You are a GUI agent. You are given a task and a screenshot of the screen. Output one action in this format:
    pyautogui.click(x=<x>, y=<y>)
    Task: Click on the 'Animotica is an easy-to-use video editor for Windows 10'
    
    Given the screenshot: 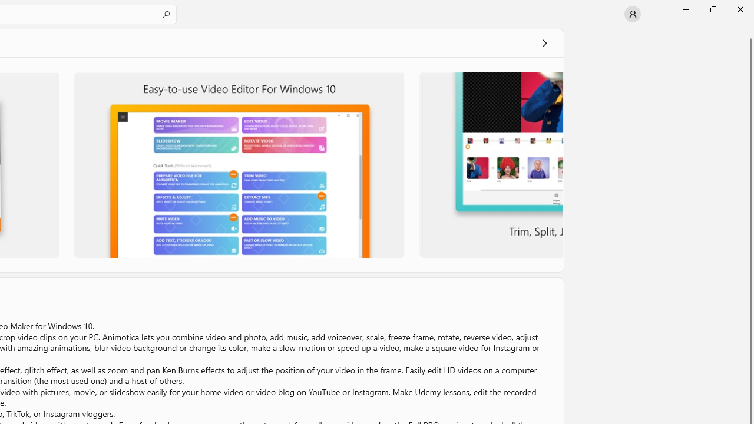 What is the action you would take?
    pyautogui.click(x=239, y=164)
    